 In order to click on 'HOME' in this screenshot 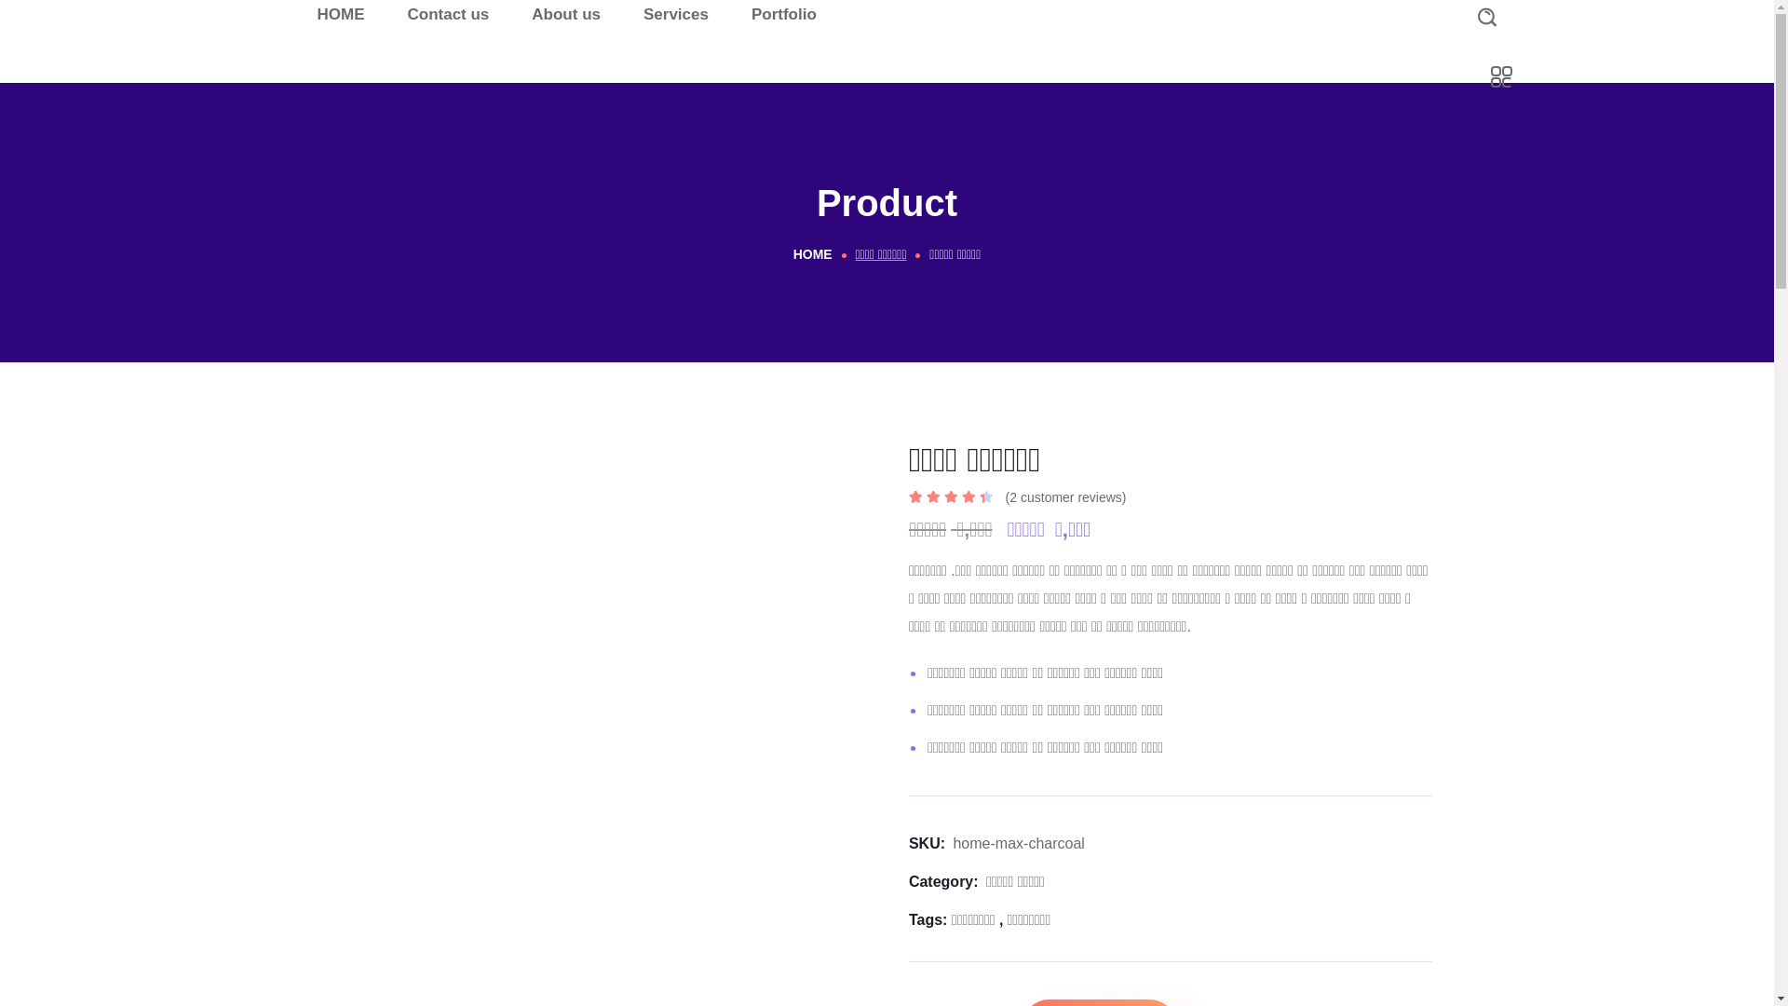, I will do `click(340, 14)`.